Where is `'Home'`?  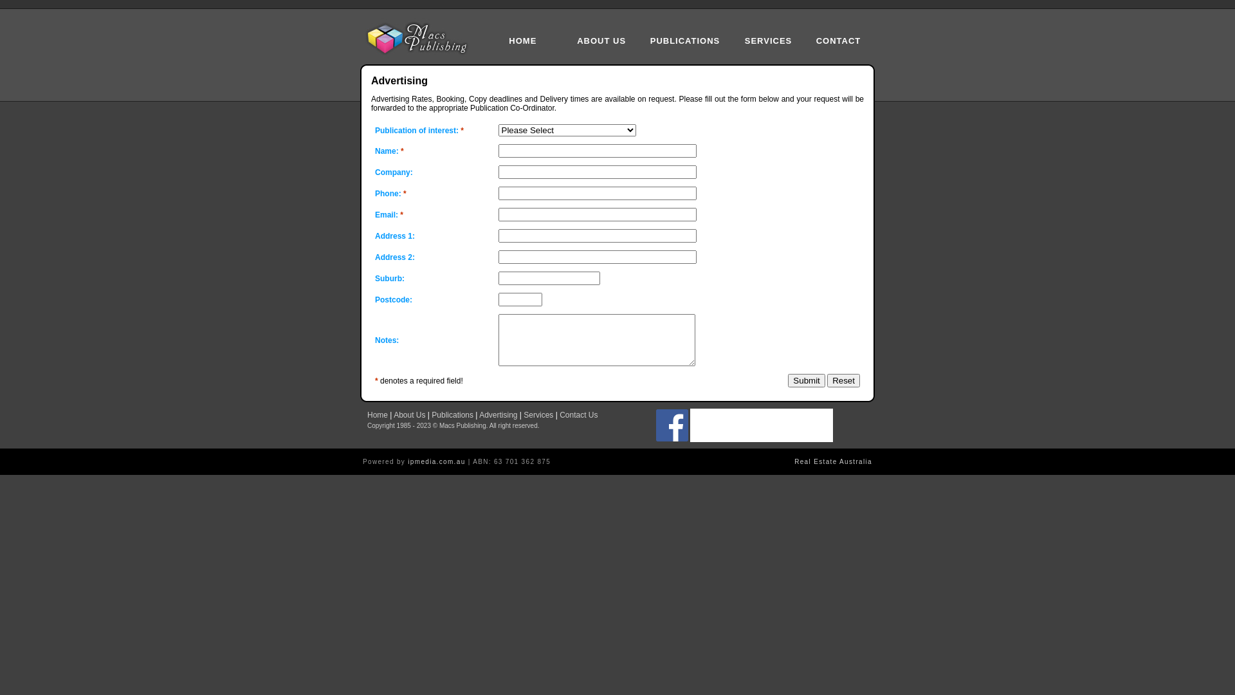 'Home' is located at coordinates (376, 414).